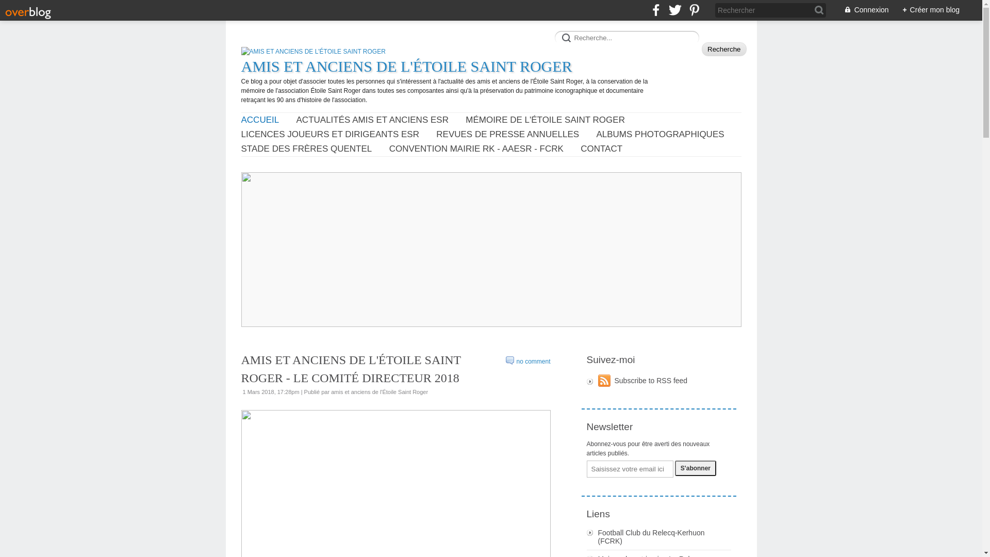 Image resolution: width=990 pixels, height=557 pixels. I want to click on 'S'abonner', so click(695, 468).